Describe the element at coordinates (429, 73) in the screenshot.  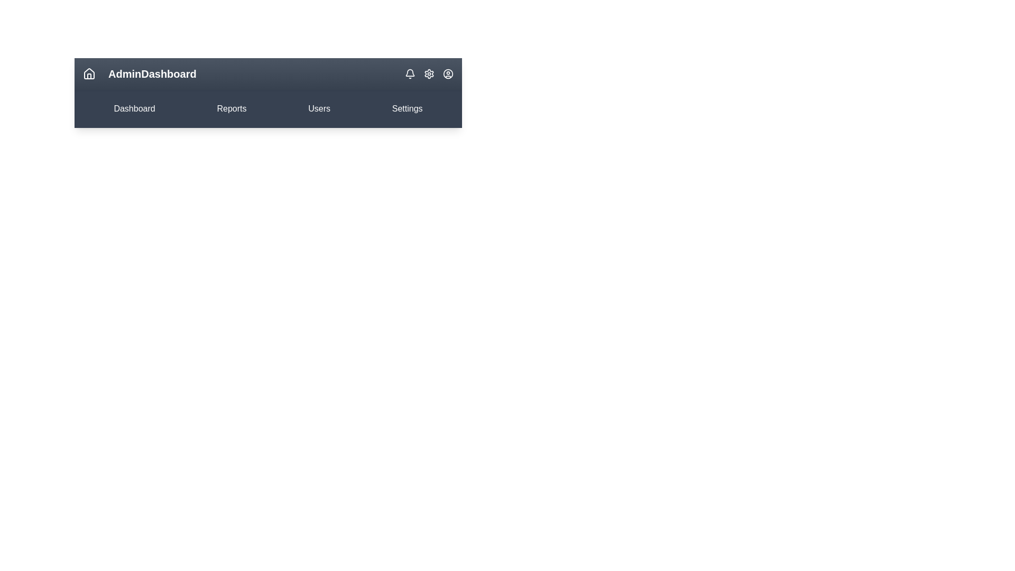
I see `the Settings icon located in the top-right corner of the app bar` at that location.